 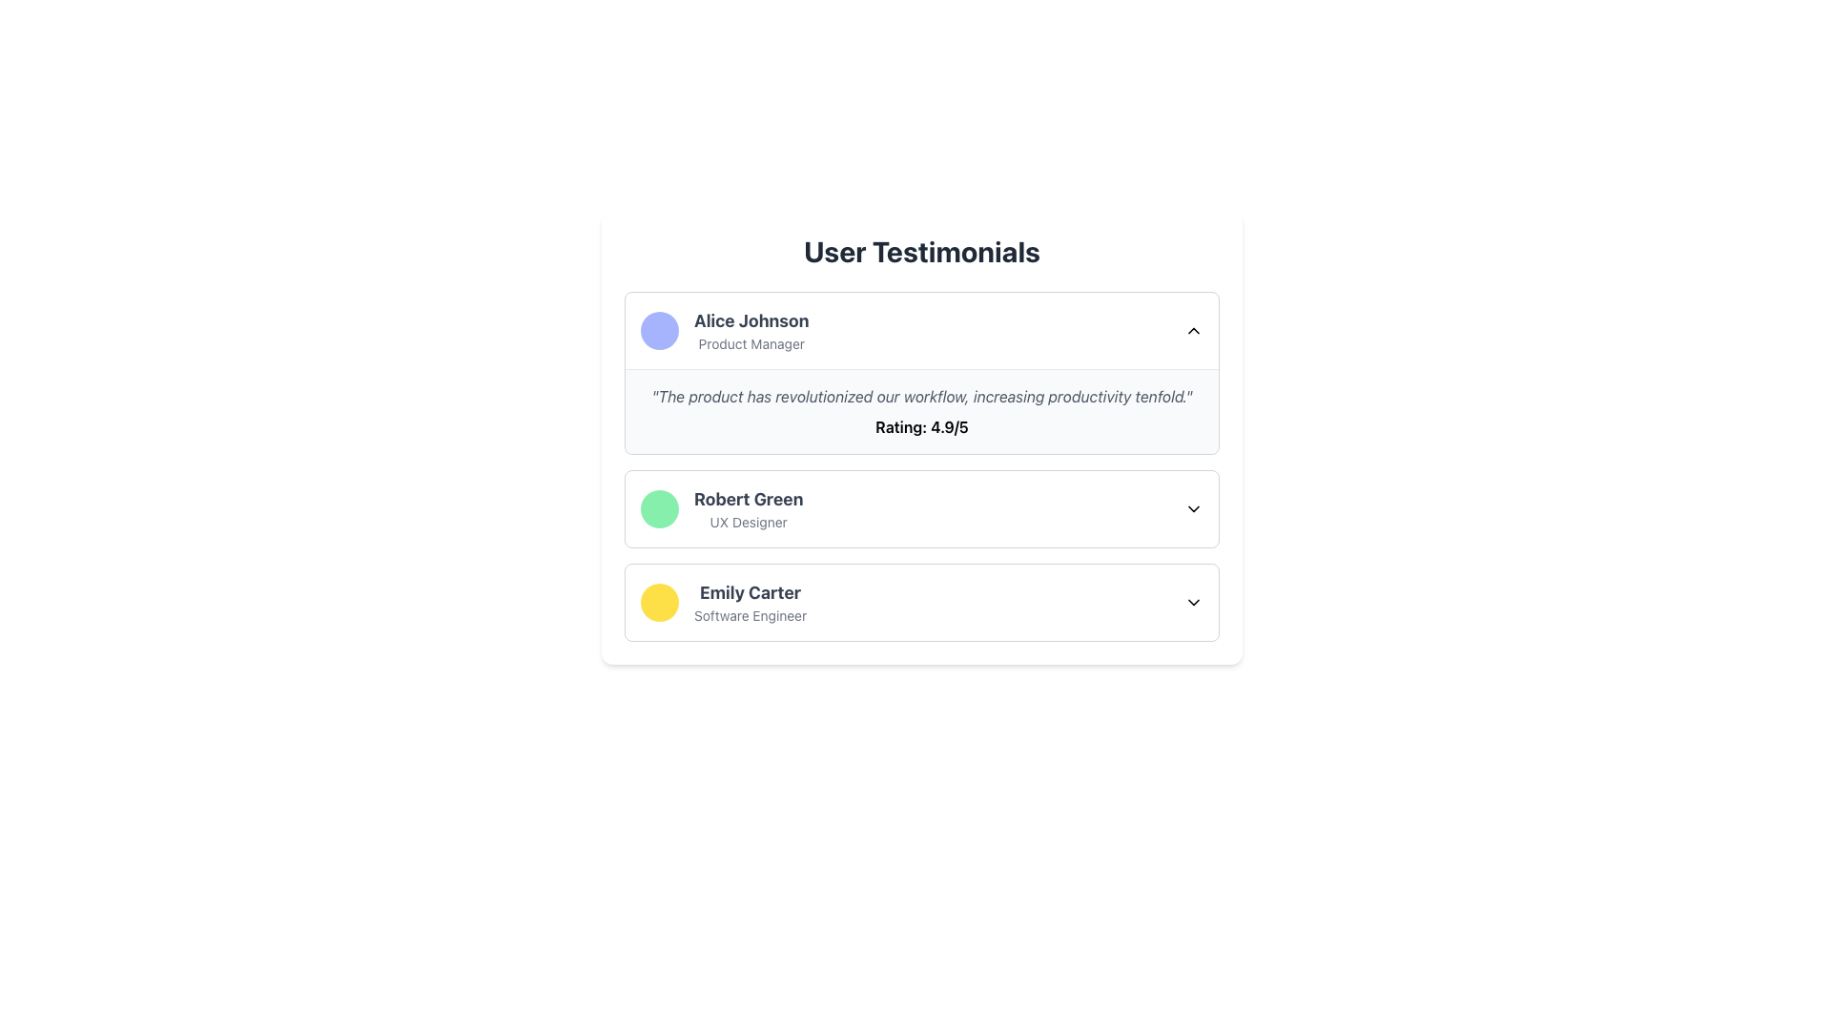 I want to click on the downward-facing chevron SVG icon located in the top-right corner of the card labeled 'Emily Carter Software Engineer', so click(x=1193, y=603).